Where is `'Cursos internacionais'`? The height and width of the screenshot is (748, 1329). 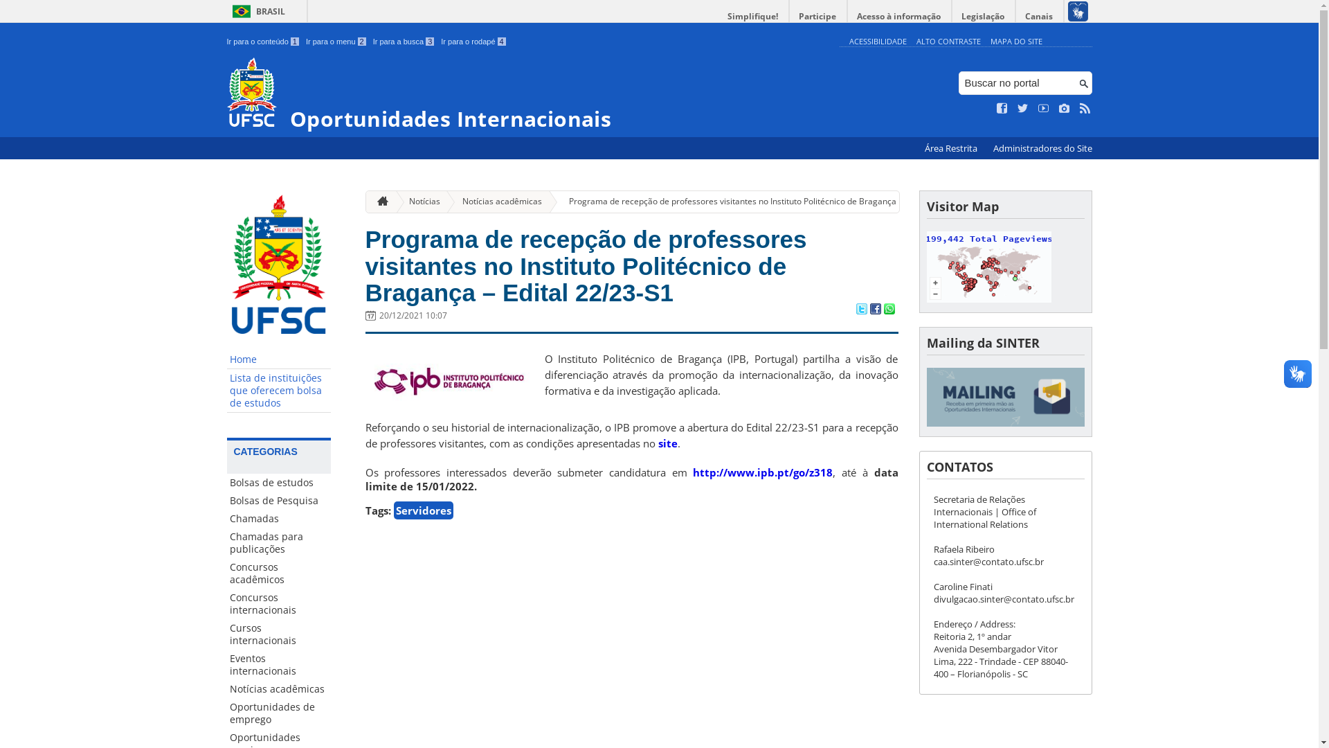 'Cursos internacionais' is located at coordinates (278, 634).